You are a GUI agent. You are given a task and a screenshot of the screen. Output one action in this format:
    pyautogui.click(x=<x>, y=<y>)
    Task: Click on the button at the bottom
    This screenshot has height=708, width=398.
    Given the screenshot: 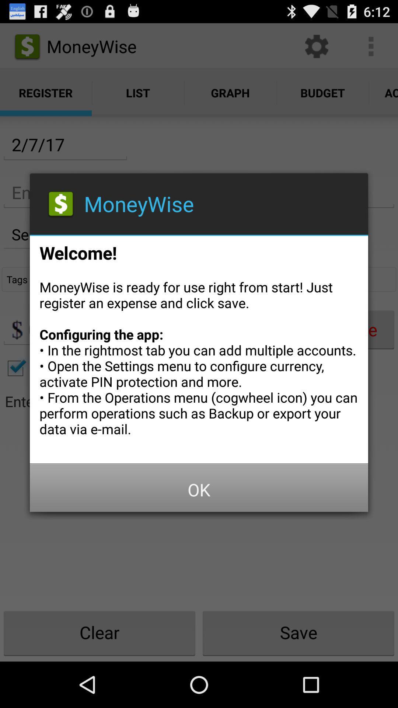 What is the action you would take?
    pyautogui.click(x=199, y=490)
    